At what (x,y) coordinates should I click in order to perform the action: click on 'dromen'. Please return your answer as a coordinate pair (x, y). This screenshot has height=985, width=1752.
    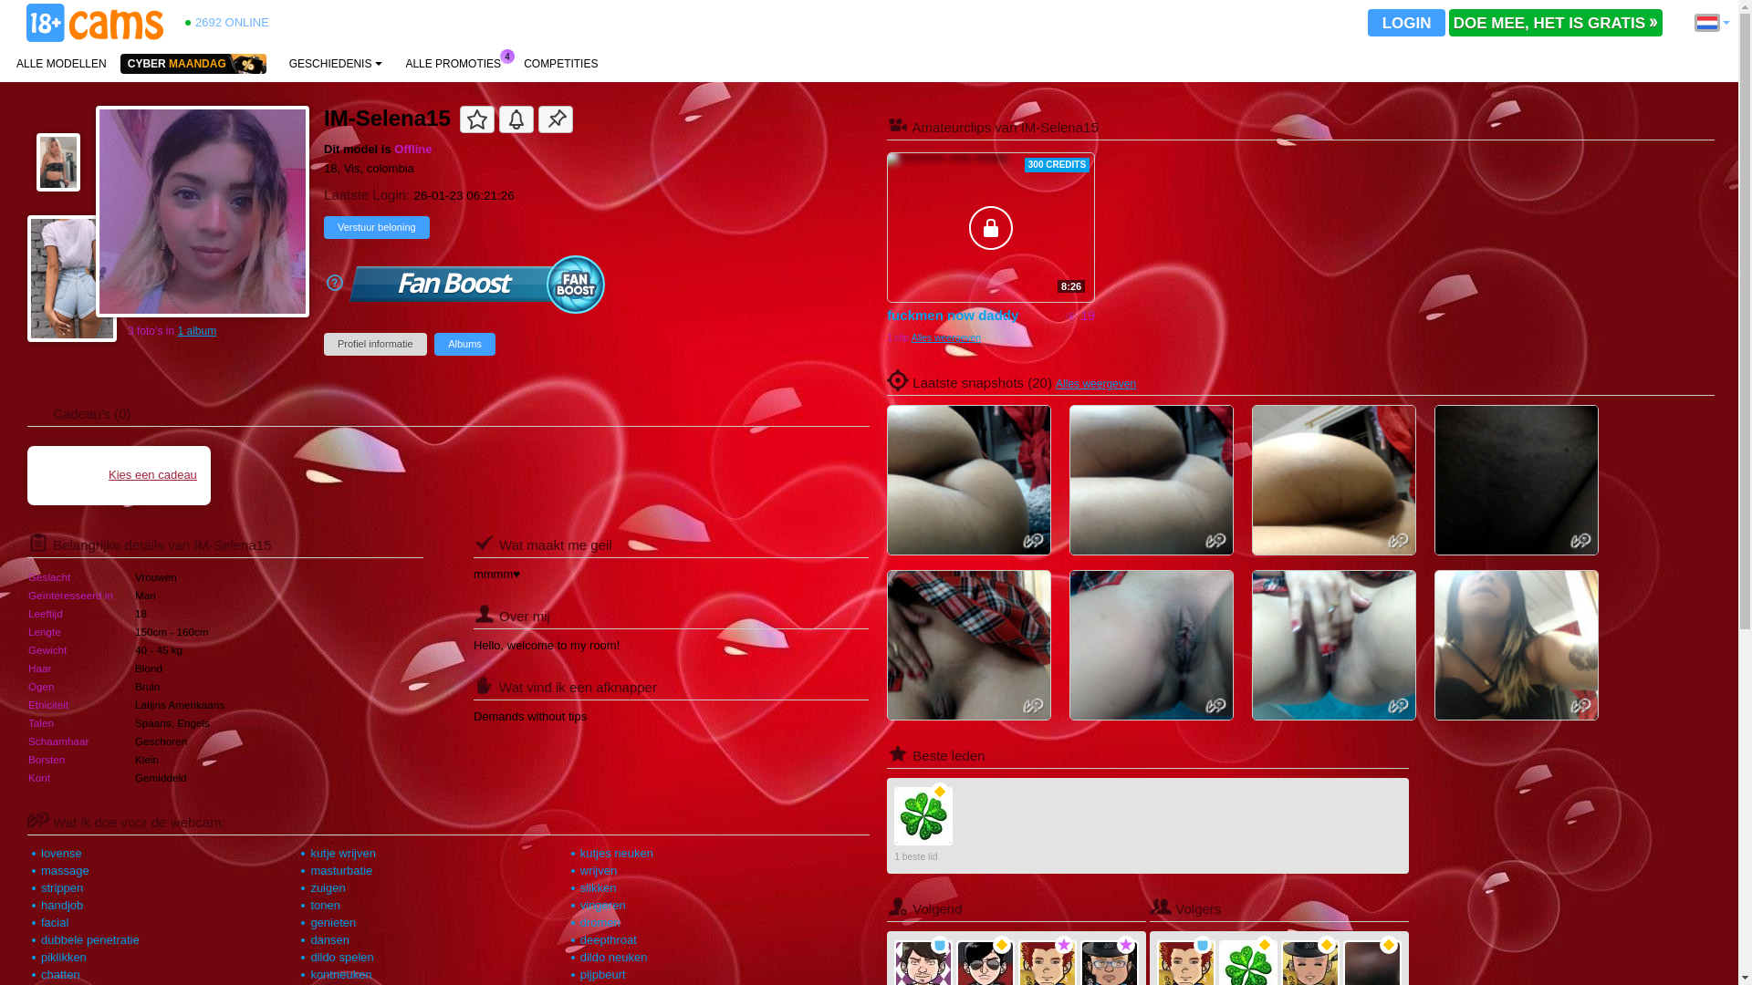
    Looking at the image, I should click on (600, 922).